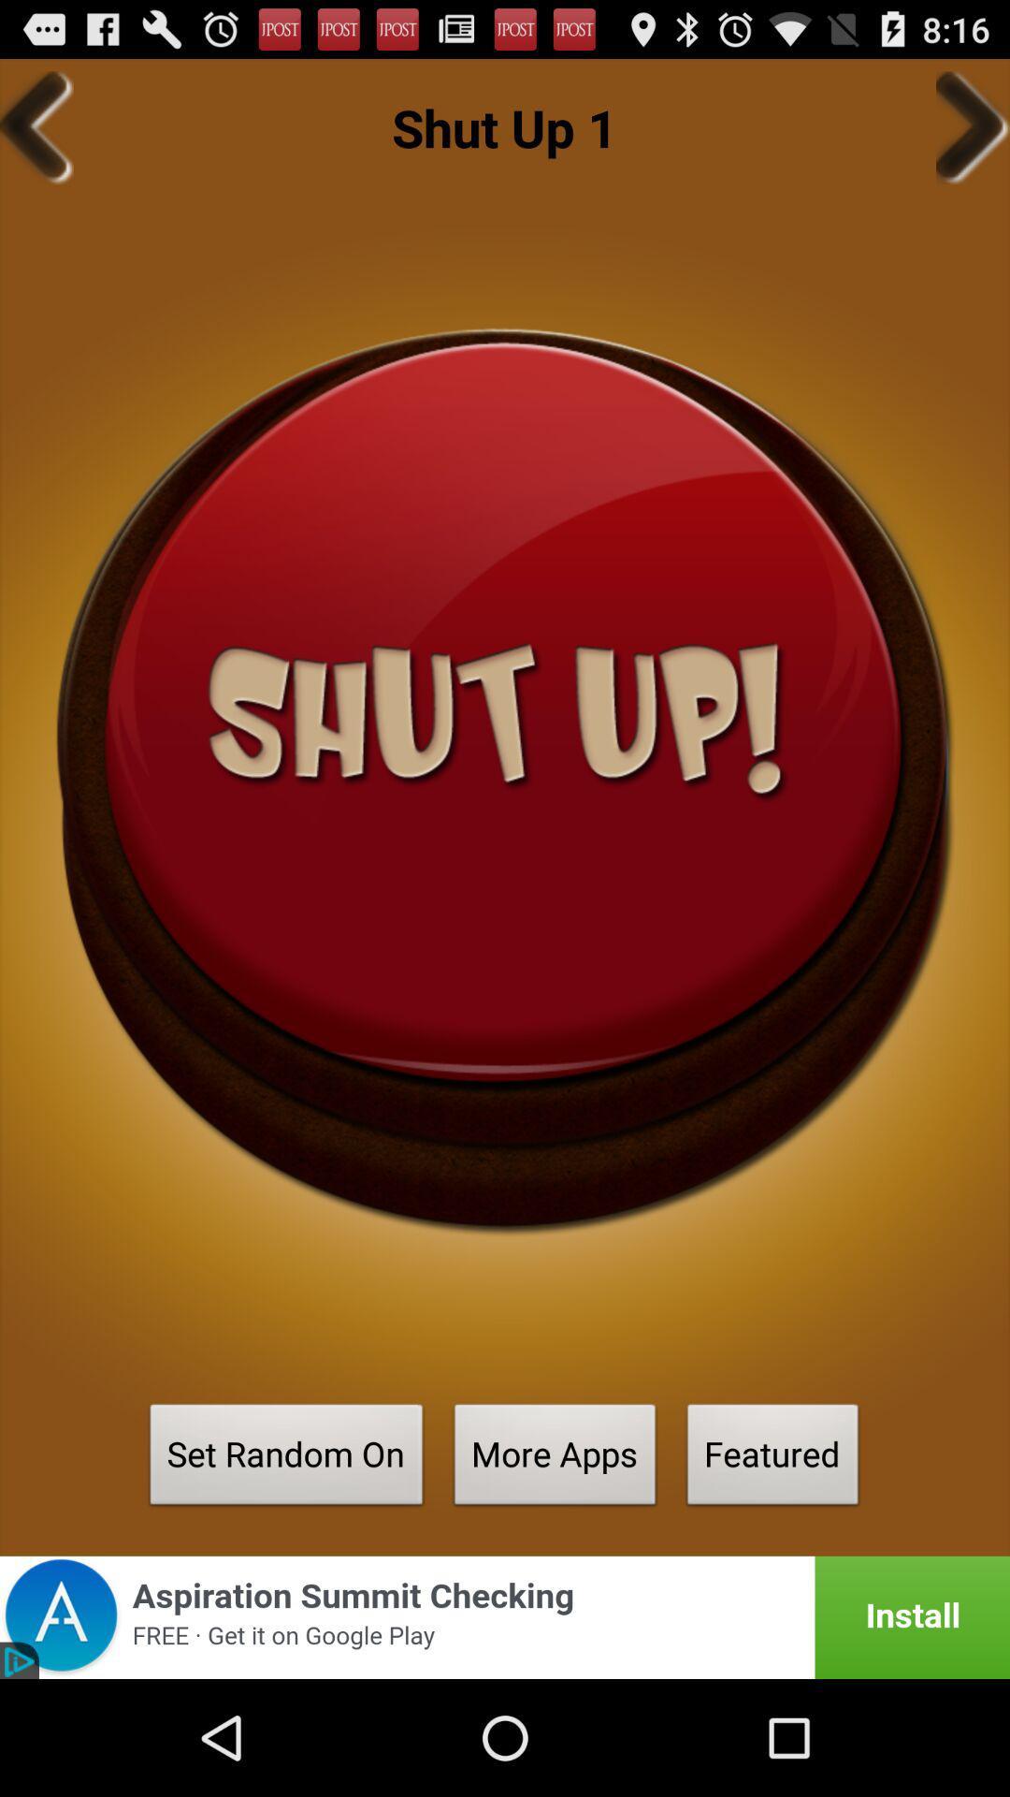  What do you see at coordinates (505, 781) in the screenshot?
I see `mute` at bounding box center [505, 781].